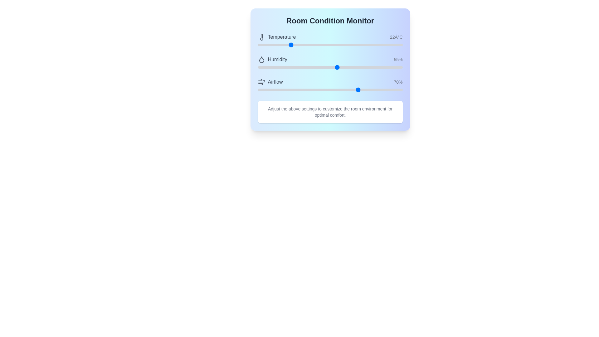 The height and width of the screenshot is (337, 599). Describe the element at coordinates (307, 67) in the screenshot. I see `the humidity level` at that location.